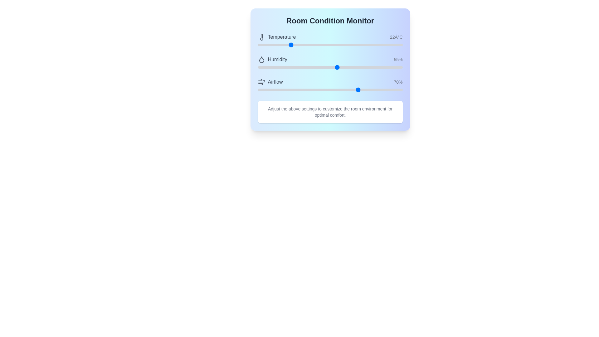 The height and width of the screenshot is (337, 599). Describe the element at coordinates (307, 67) in the screenshot. I see `the humidity level` at that location.